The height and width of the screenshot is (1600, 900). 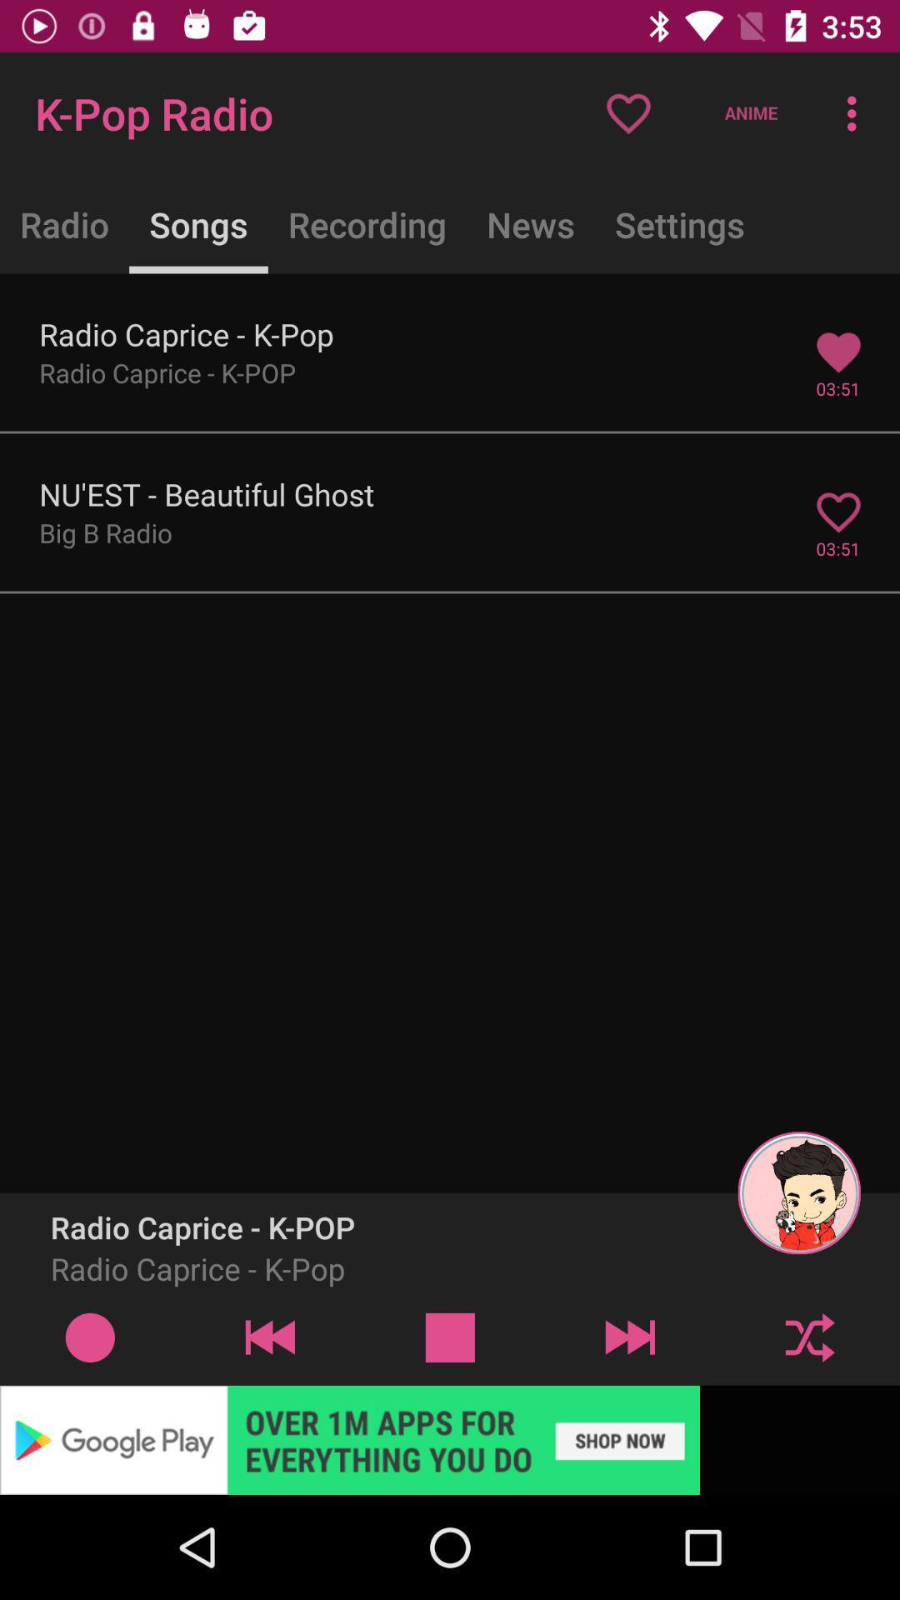 I want to click on advertisement, so click(x=450, y=1439).